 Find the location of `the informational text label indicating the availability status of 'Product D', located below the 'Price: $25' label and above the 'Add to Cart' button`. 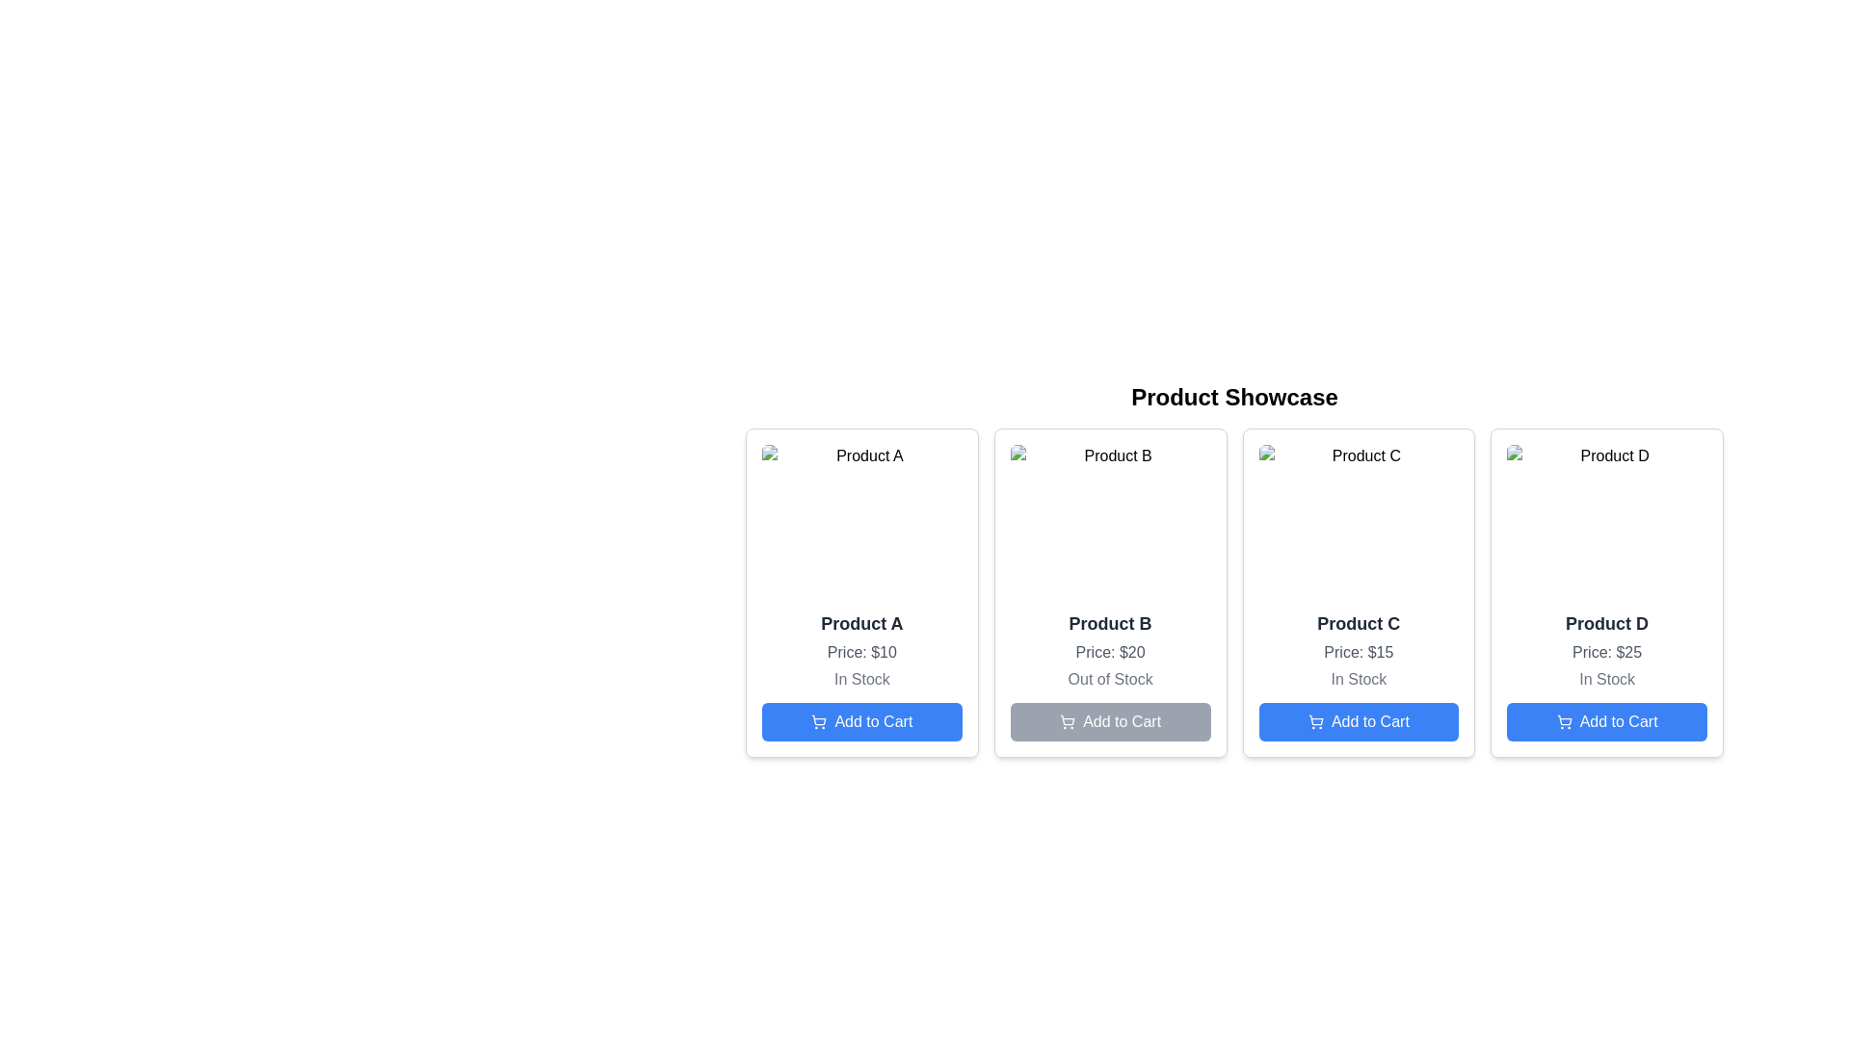

the informational text label indicating the availability status of 'Product D', located below the 'Price: $25' label and above the 'Add to Cart' button is located at coordinates (1607, 678).